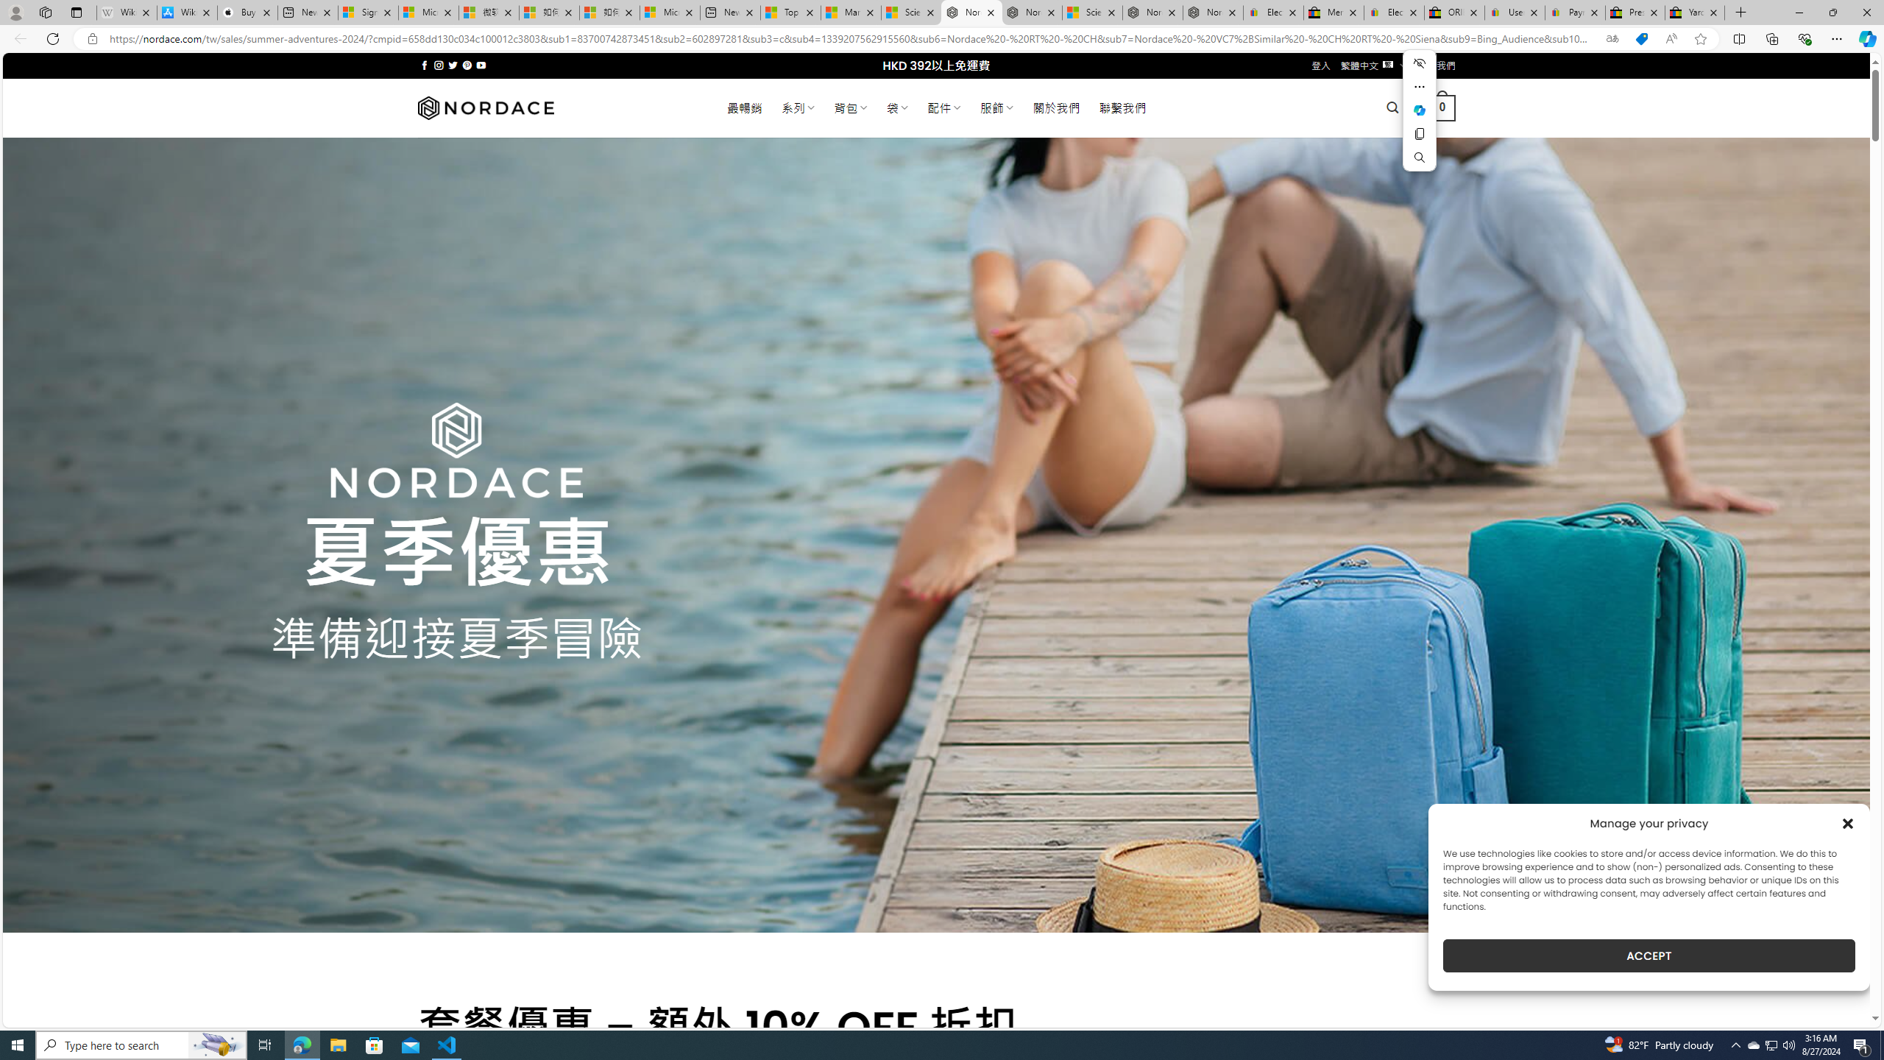  I want to click on 'Follow on YouTube', so click(481, 65).